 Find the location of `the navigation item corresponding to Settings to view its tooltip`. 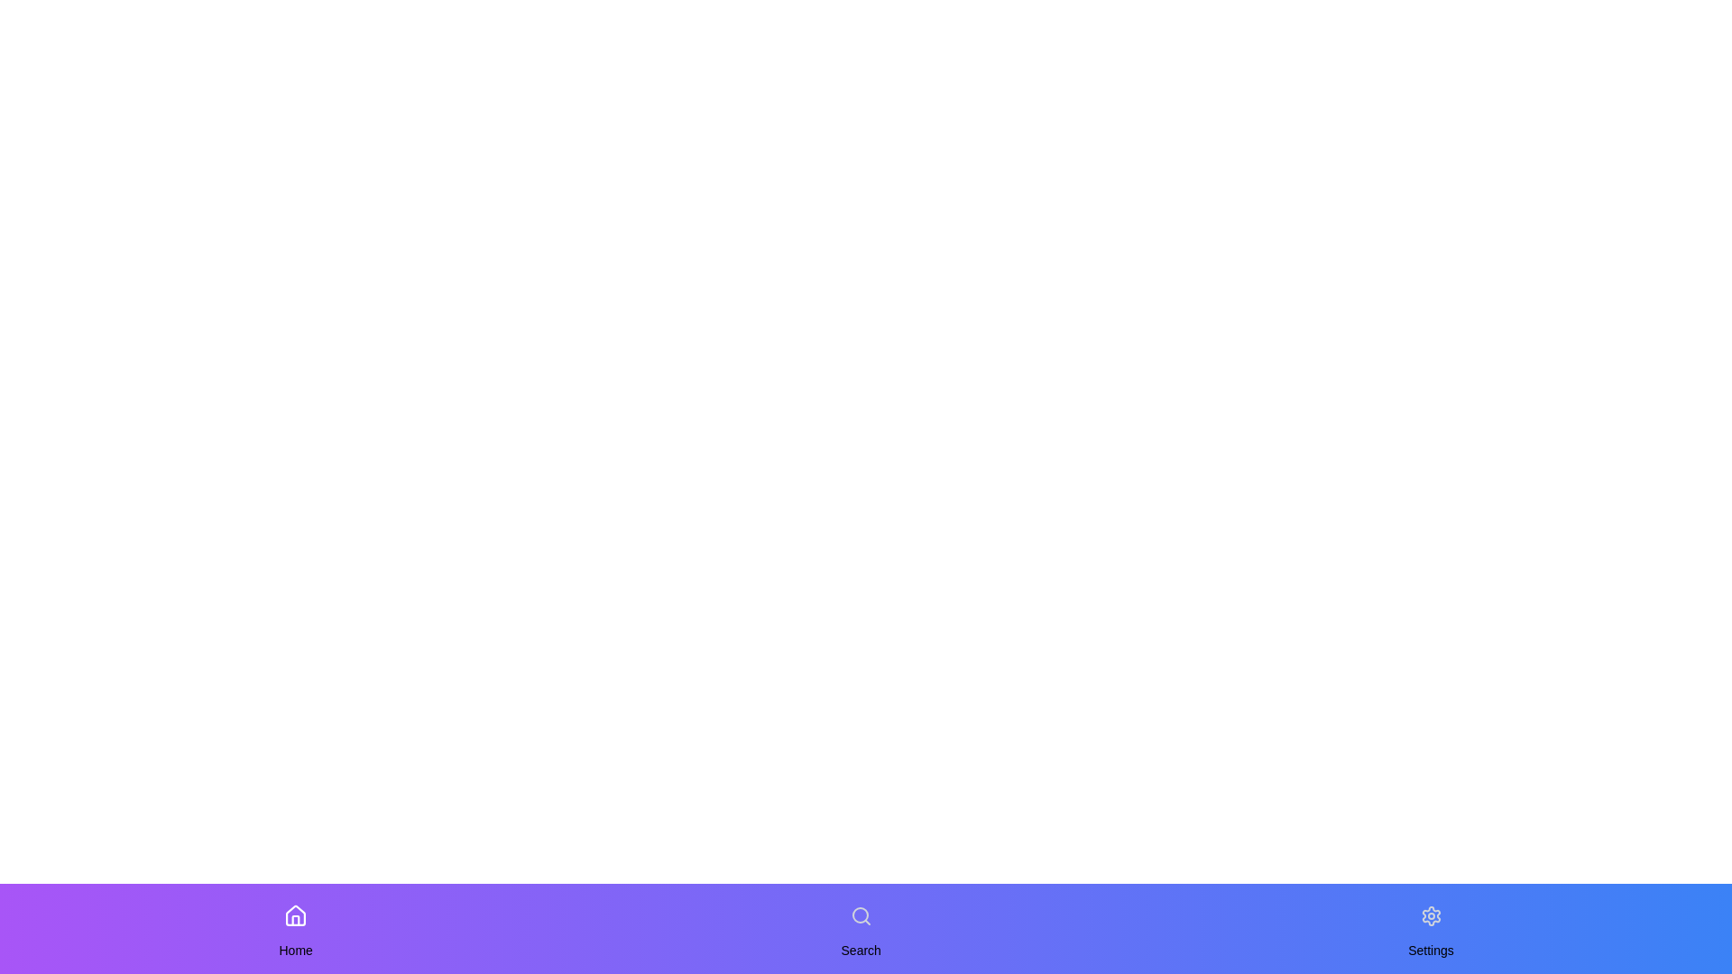

the navigation item corresponding to Settings to view its tooltip is located at coordinates (1430, 915).